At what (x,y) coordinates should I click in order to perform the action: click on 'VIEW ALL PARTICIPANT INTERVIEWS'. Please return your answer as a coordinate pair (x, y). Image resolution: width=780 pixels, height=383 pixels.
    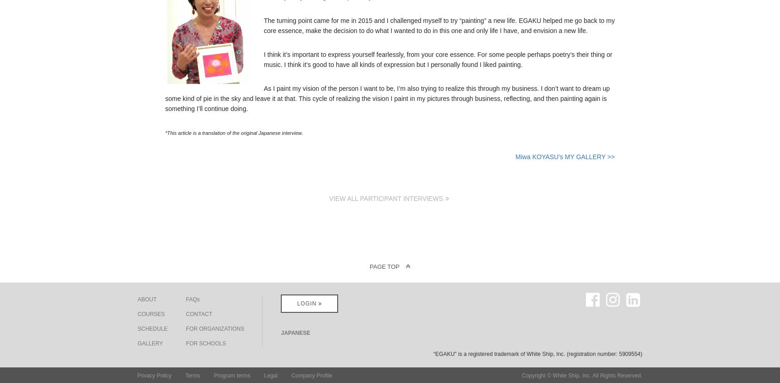
    Looking at the image, I should click on (386, 198).